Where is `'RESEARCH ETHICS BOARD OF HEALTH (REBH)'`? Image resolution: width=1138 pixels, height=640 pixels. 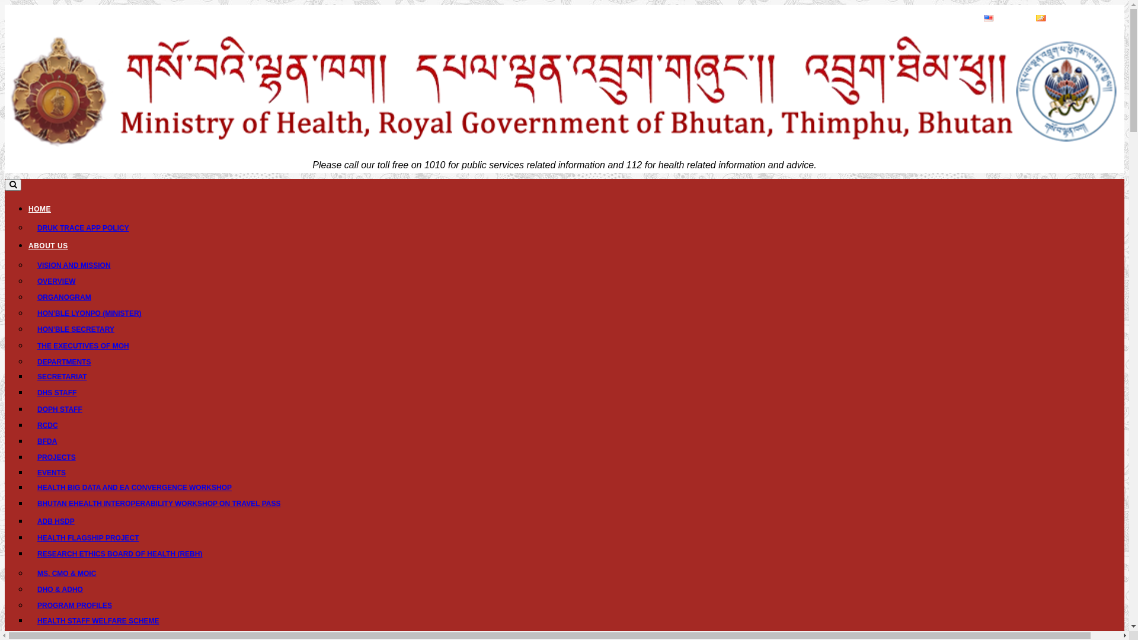 'RESEARCH ETHICS BOARD OF HEALTH (REBH)' is located at coordinates (125, 553).